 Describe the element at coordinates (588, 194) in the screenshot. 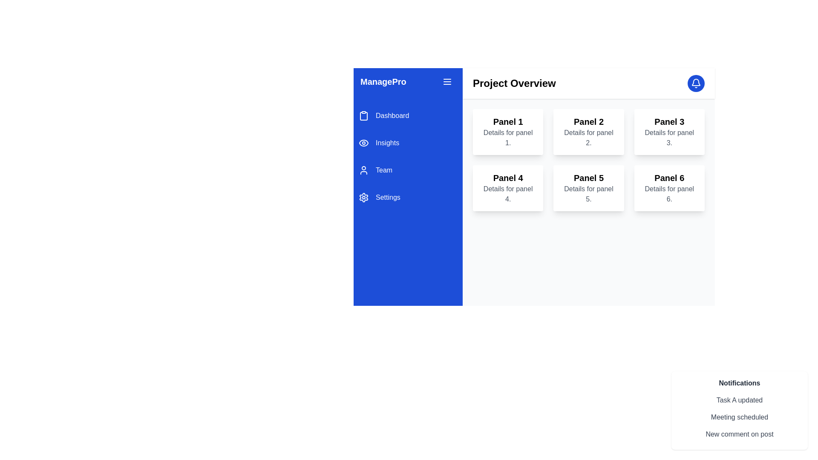

I see `the text label providing additional information about 'Panel 5' located beneath the heading 'Panel 5' in the 'Project Overview' section` at that location.